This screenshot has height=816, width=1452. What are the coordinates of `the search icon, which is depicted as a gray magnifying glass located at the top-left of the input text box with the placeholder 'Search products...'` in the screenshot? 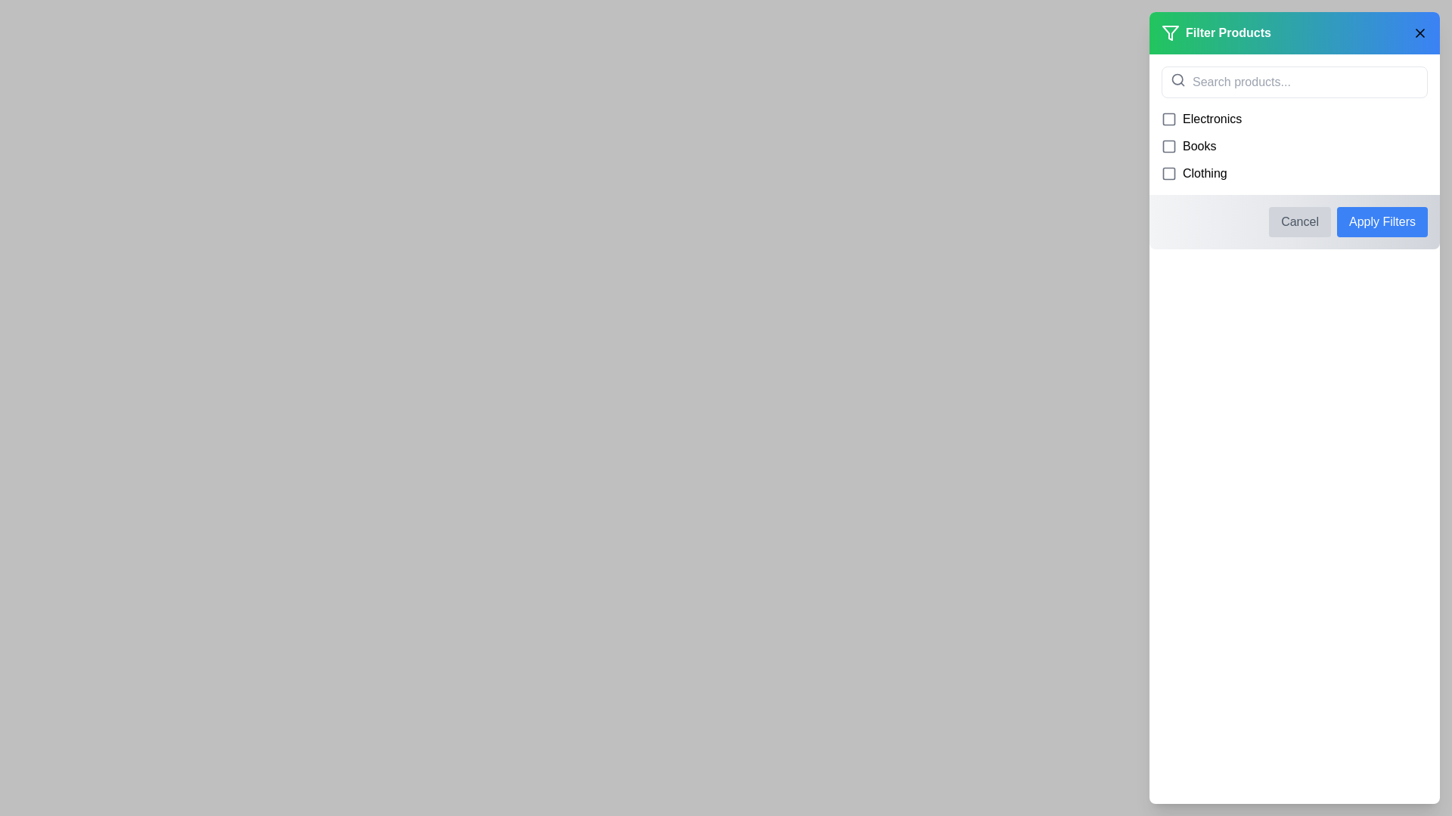 It's located at (1177, 79).